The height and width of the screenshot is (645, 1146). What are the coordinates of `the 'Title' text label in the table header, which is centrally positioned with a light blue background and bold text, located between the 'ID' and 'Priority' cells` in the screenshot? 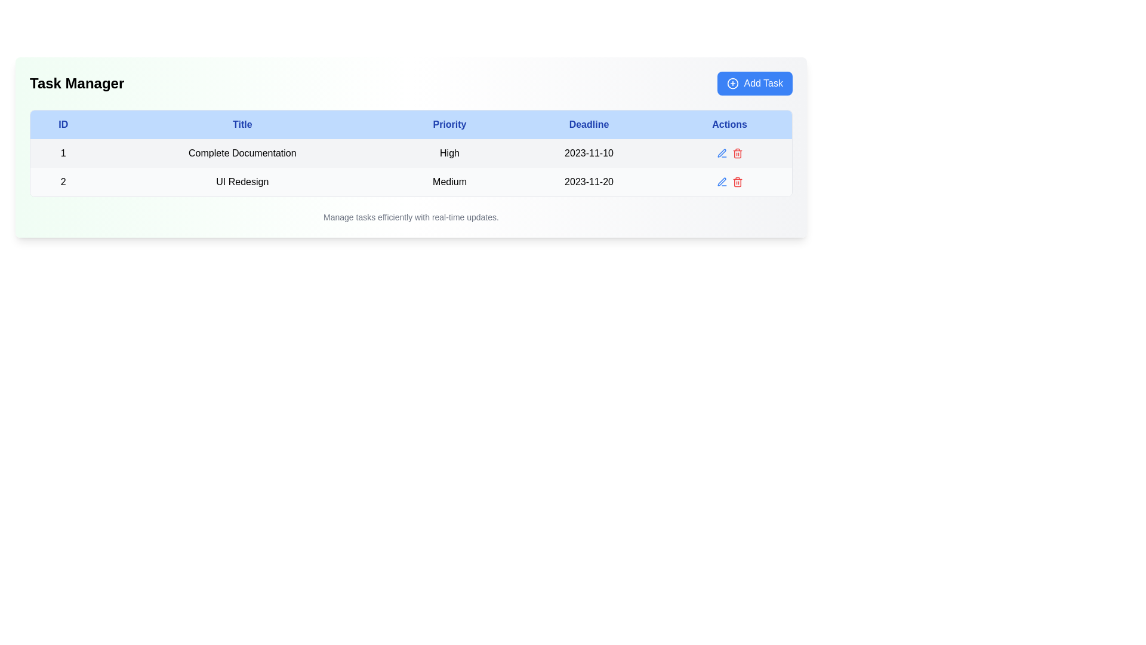 It's located at (242, 124).